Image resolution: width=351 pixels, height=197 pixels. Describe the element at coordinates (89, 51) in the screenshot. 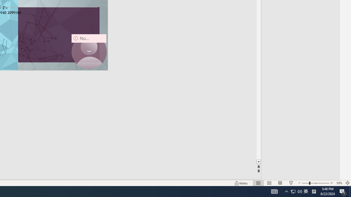

I see `'Camera 16, No camera detected.'` at that location.